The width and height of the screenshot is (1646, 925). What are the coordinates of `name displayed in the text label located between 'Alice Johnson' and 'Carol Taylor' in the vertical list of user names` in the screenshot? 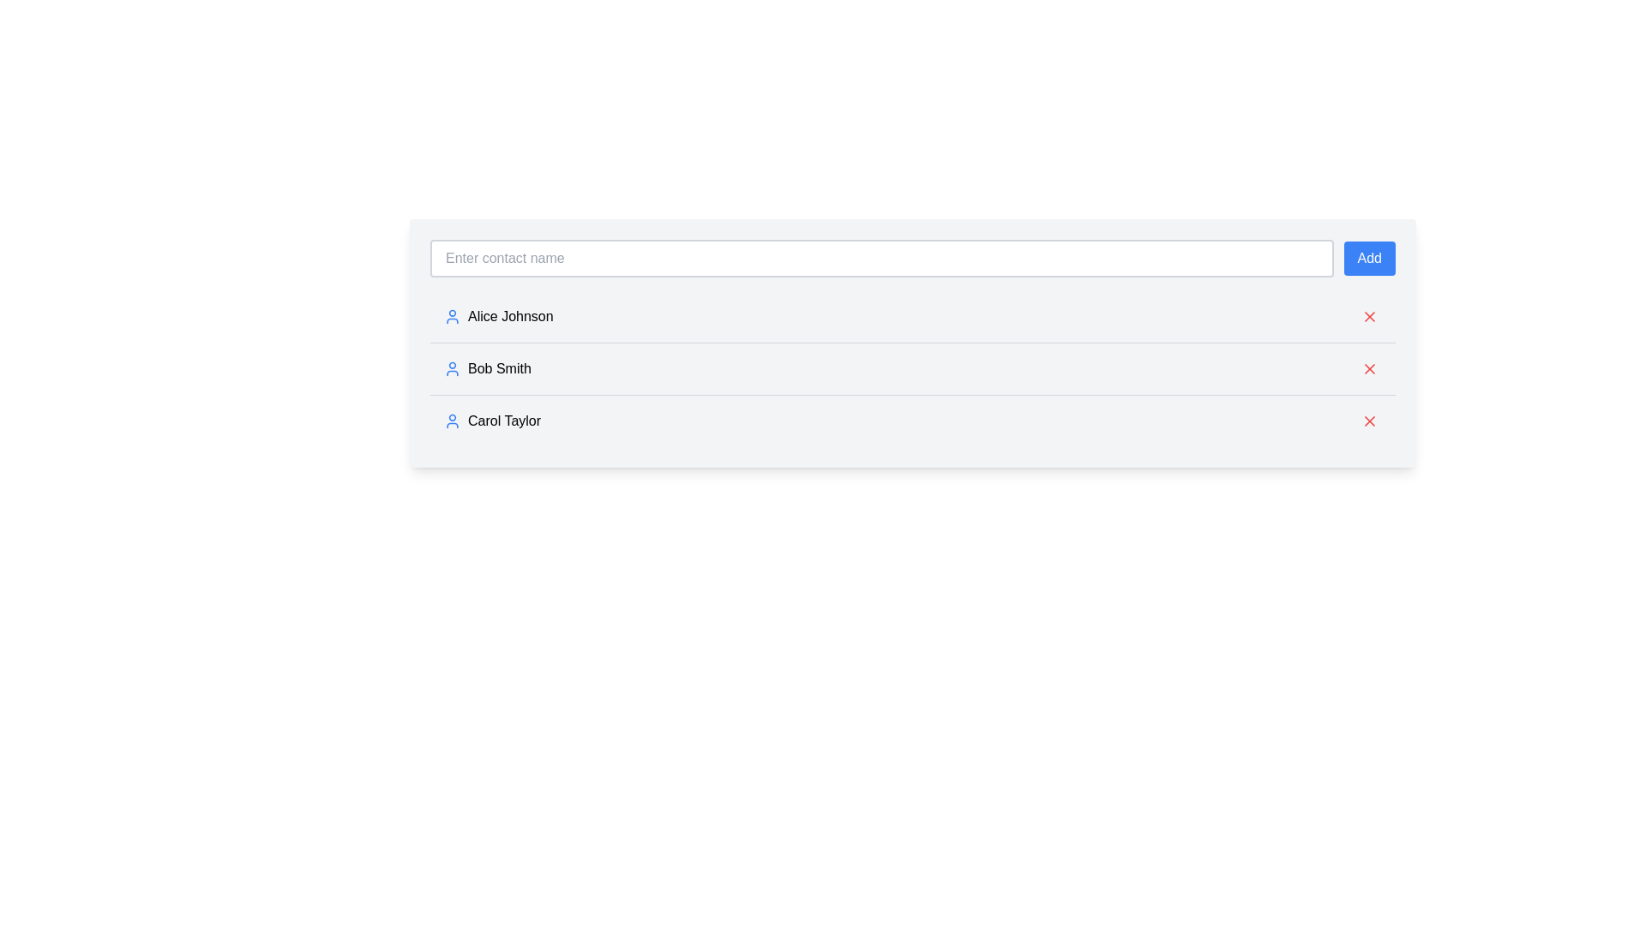 It's located at (486, 368).